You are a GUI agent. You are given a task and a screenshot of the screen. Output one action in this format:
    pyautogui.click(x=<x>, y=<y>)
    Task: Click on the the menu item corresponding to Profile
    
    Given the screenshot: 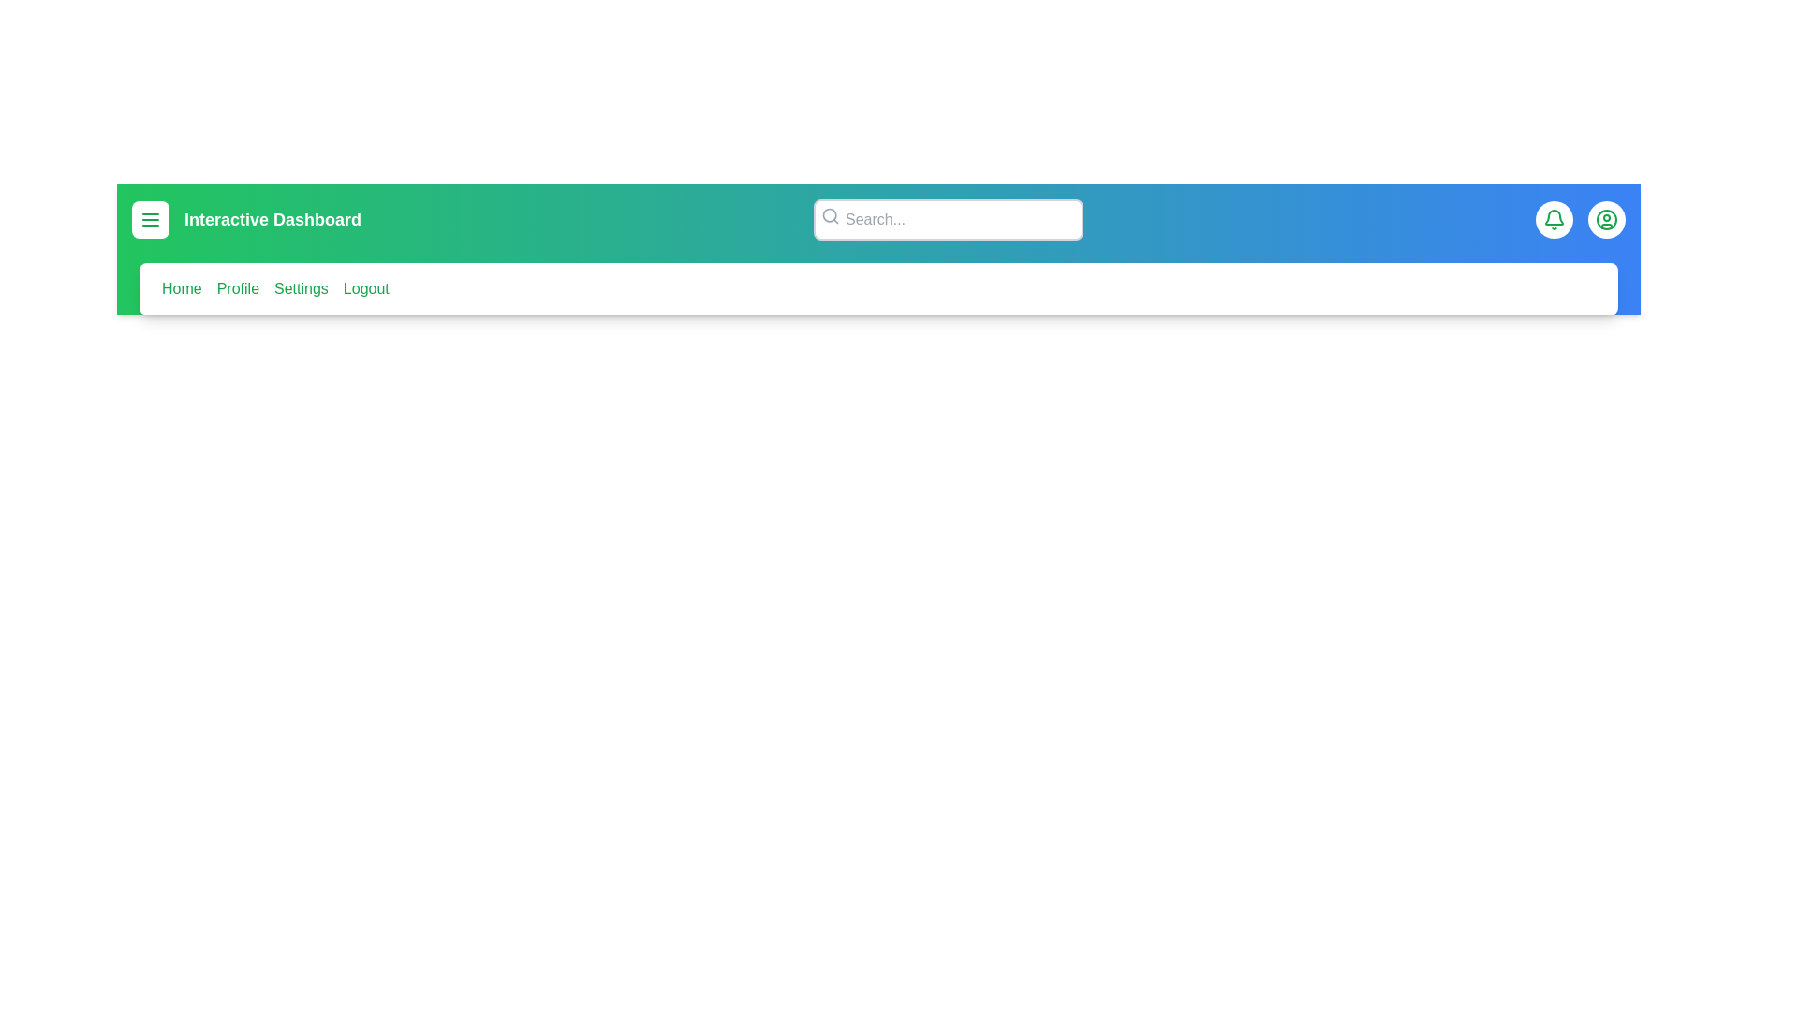 What is the action you would take?
    pyautogui.click(x=237, y=288)
    